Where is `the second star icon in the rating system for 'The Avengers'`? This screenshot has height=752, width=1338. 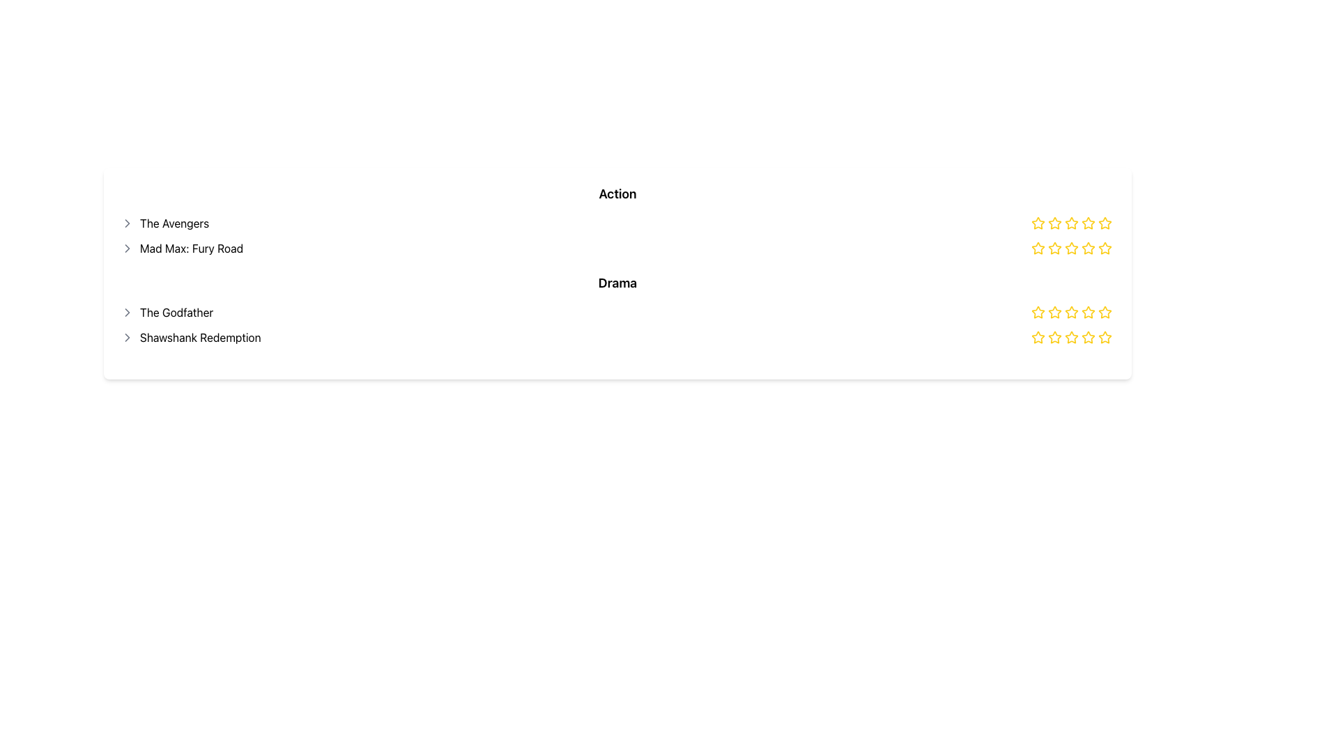 the second star icon in the rating system for 'The Avengers' is located at coordinates (1104, 222).